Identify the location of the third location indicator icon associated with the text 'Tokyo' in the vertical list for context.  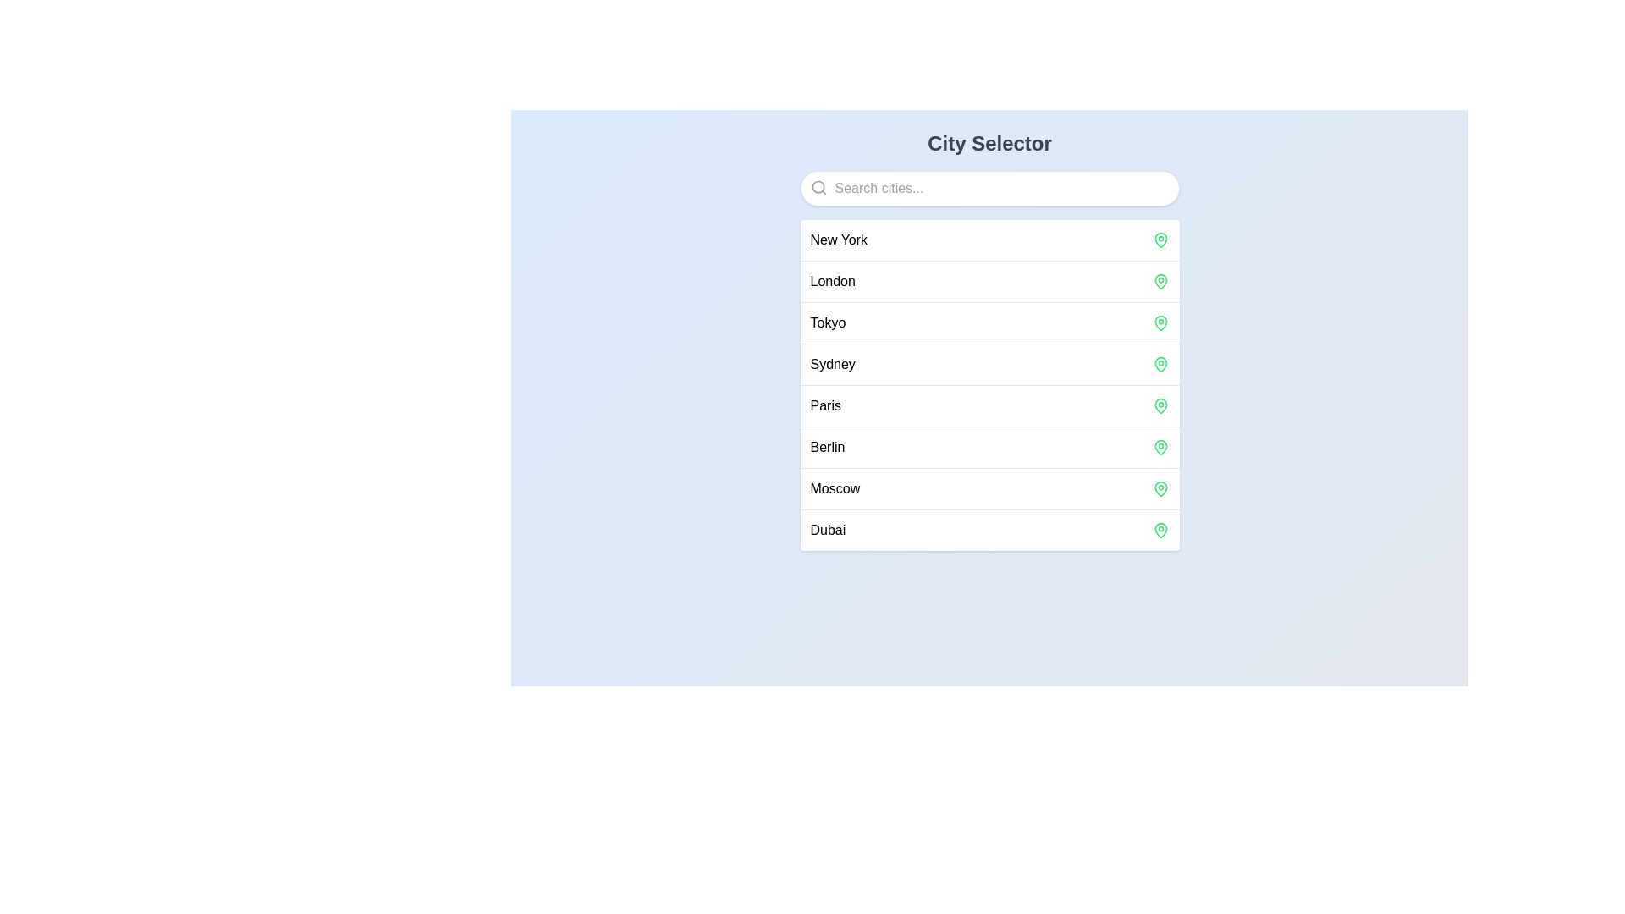
(1160, 322).